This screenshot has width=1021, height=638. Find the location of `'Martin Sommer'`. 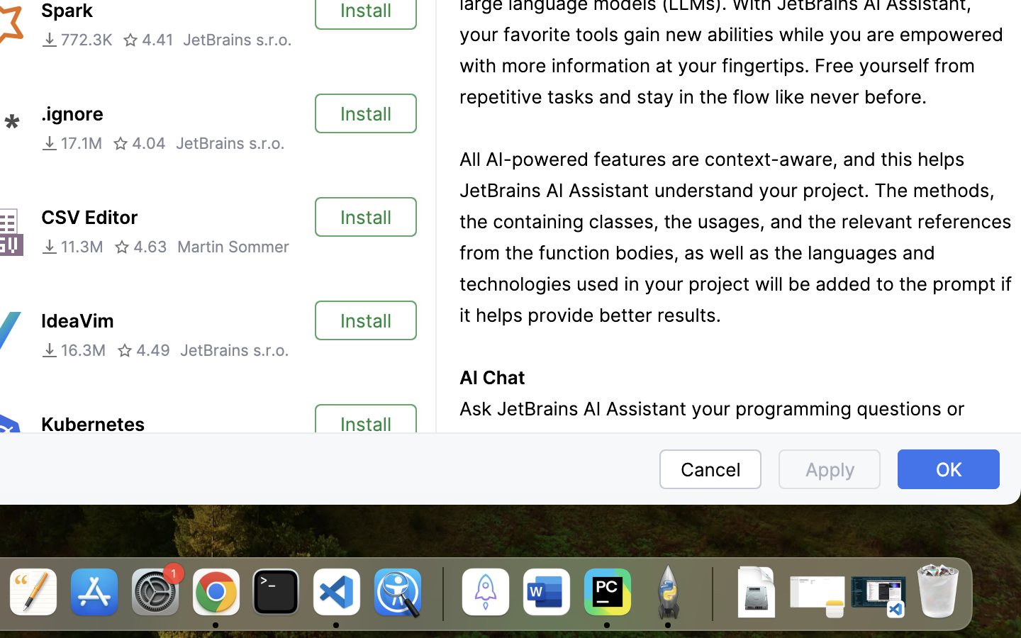

'Martin Sommer' is located at coordinates (233, 247).